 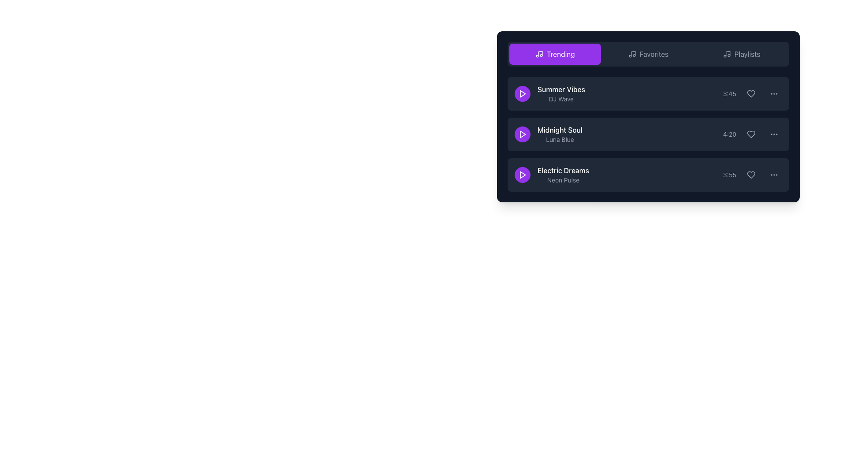 What do you see at coordinates (522, 134) in the screenshot?
I see `the circular button with a purple background and a white play icon, located to the left of the text 'Midnight Soul', to transition the background color` at bounding box center [522, 134].